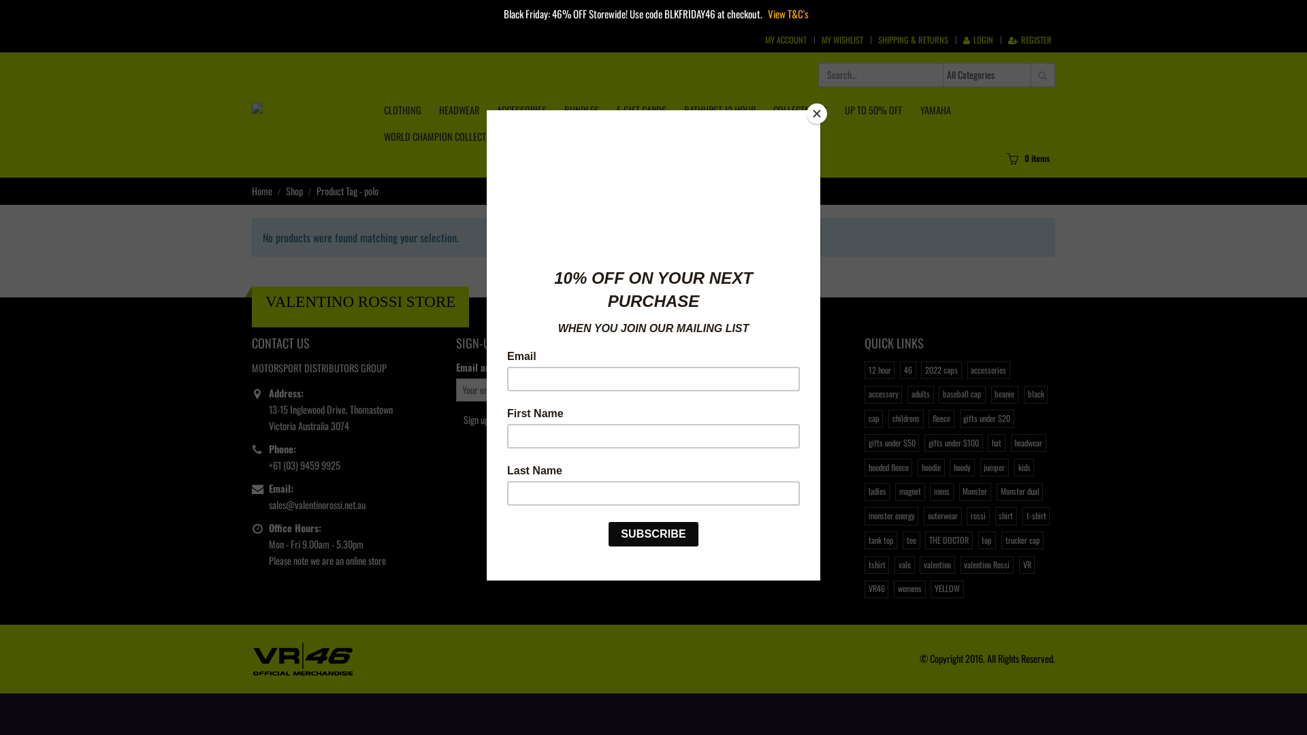 The image size is (1307, 735). Describe the element at coordinates (986, 540) in the screenshot. I see `'top'` at that location.